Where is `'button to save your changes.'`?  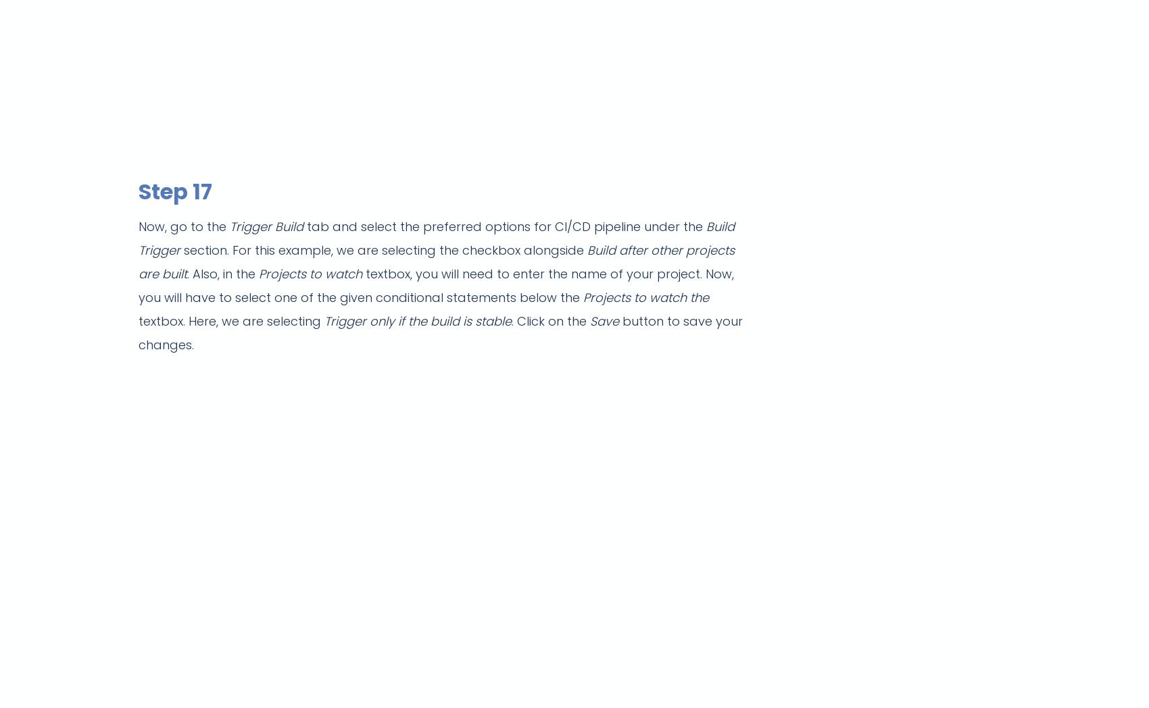
'button to save your changes.' is located at coordinates (138, 332).